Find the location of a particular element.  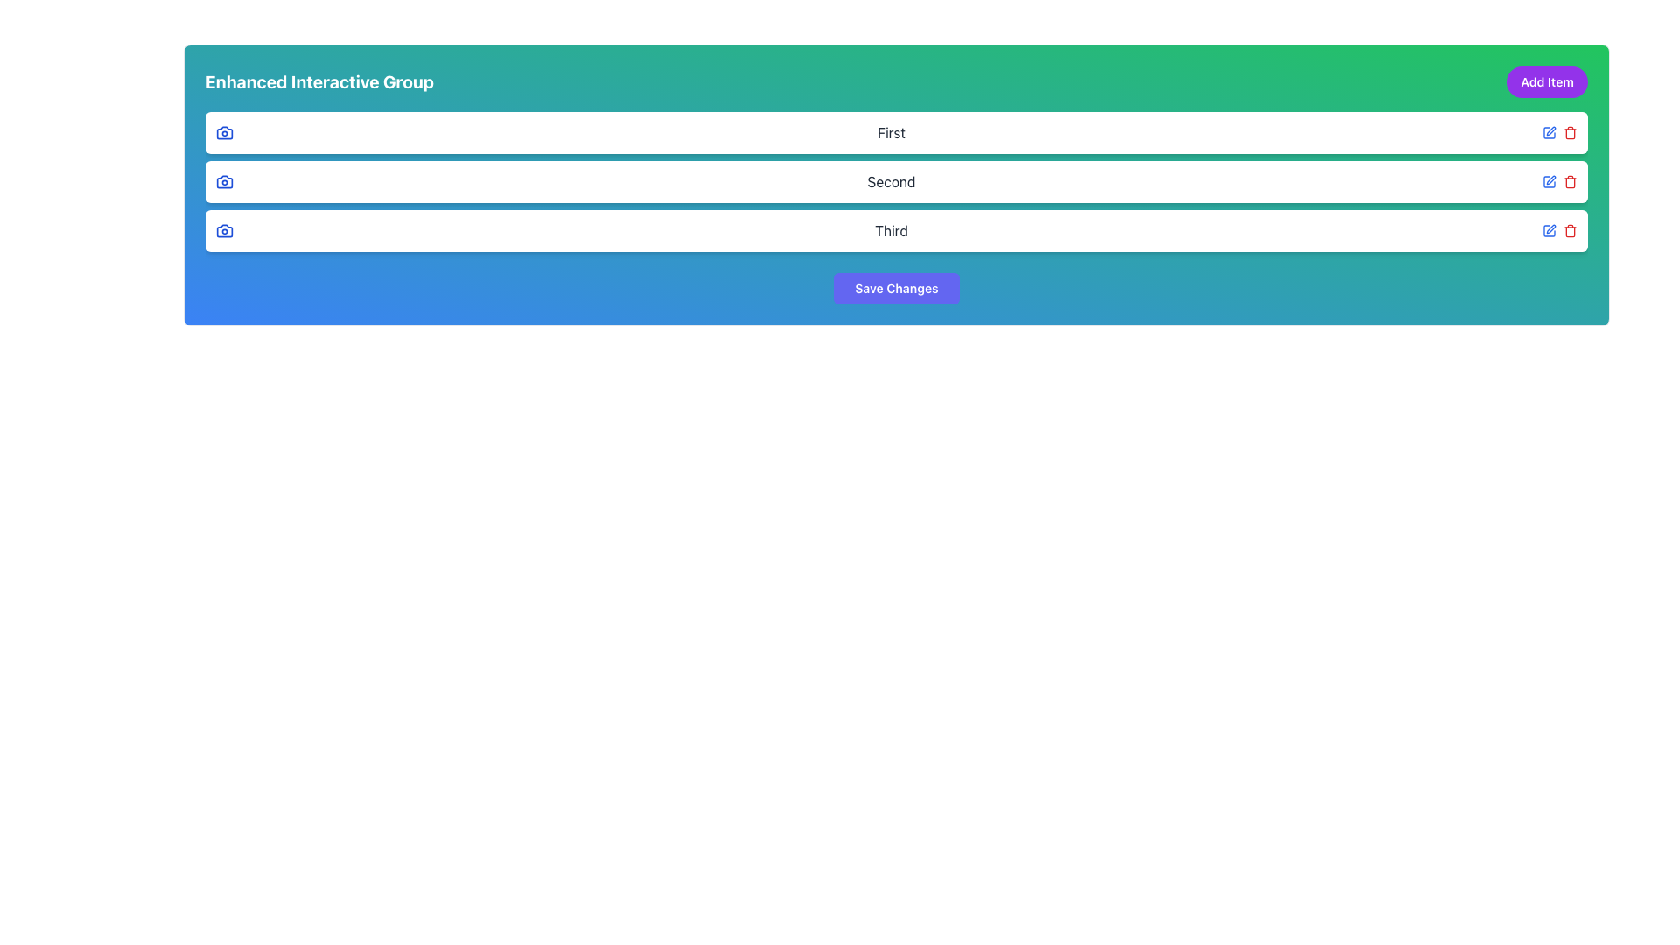

the blue pen icon button located in the upper right section of the list item labeled 'Second', which is positioned directly adjacent to a red icon is located at coordinates (1550, 182).